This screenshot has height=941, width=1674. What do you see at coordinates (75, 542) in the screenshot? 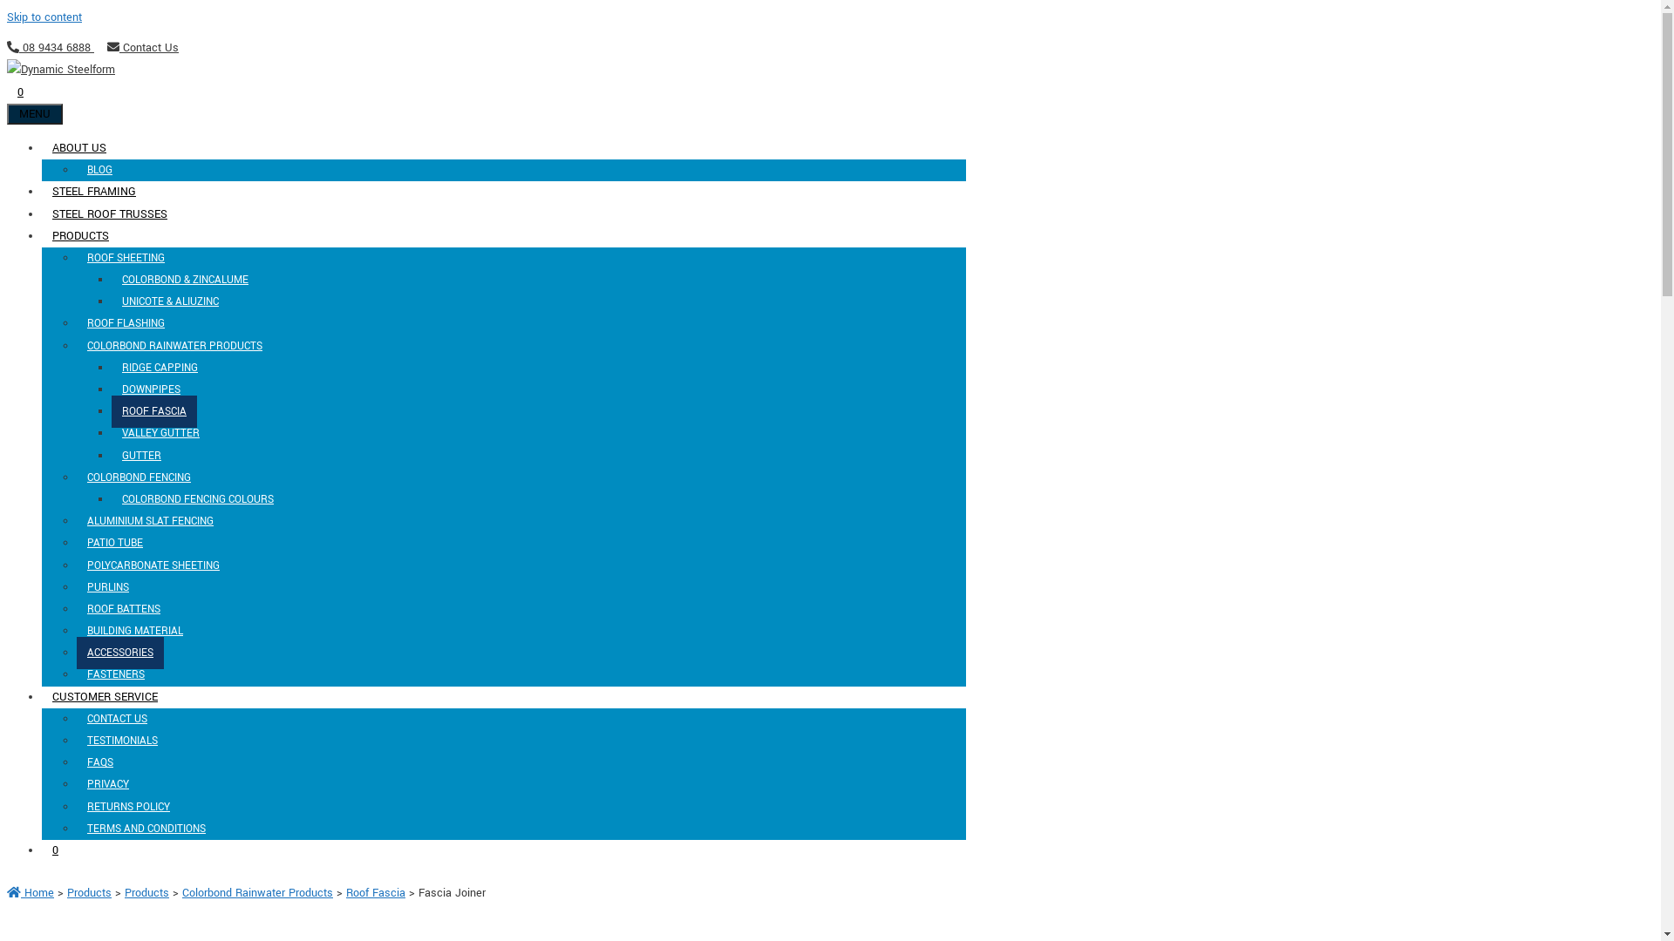
I see `'PATIO TUBE'` at bounding box center [75, 542].